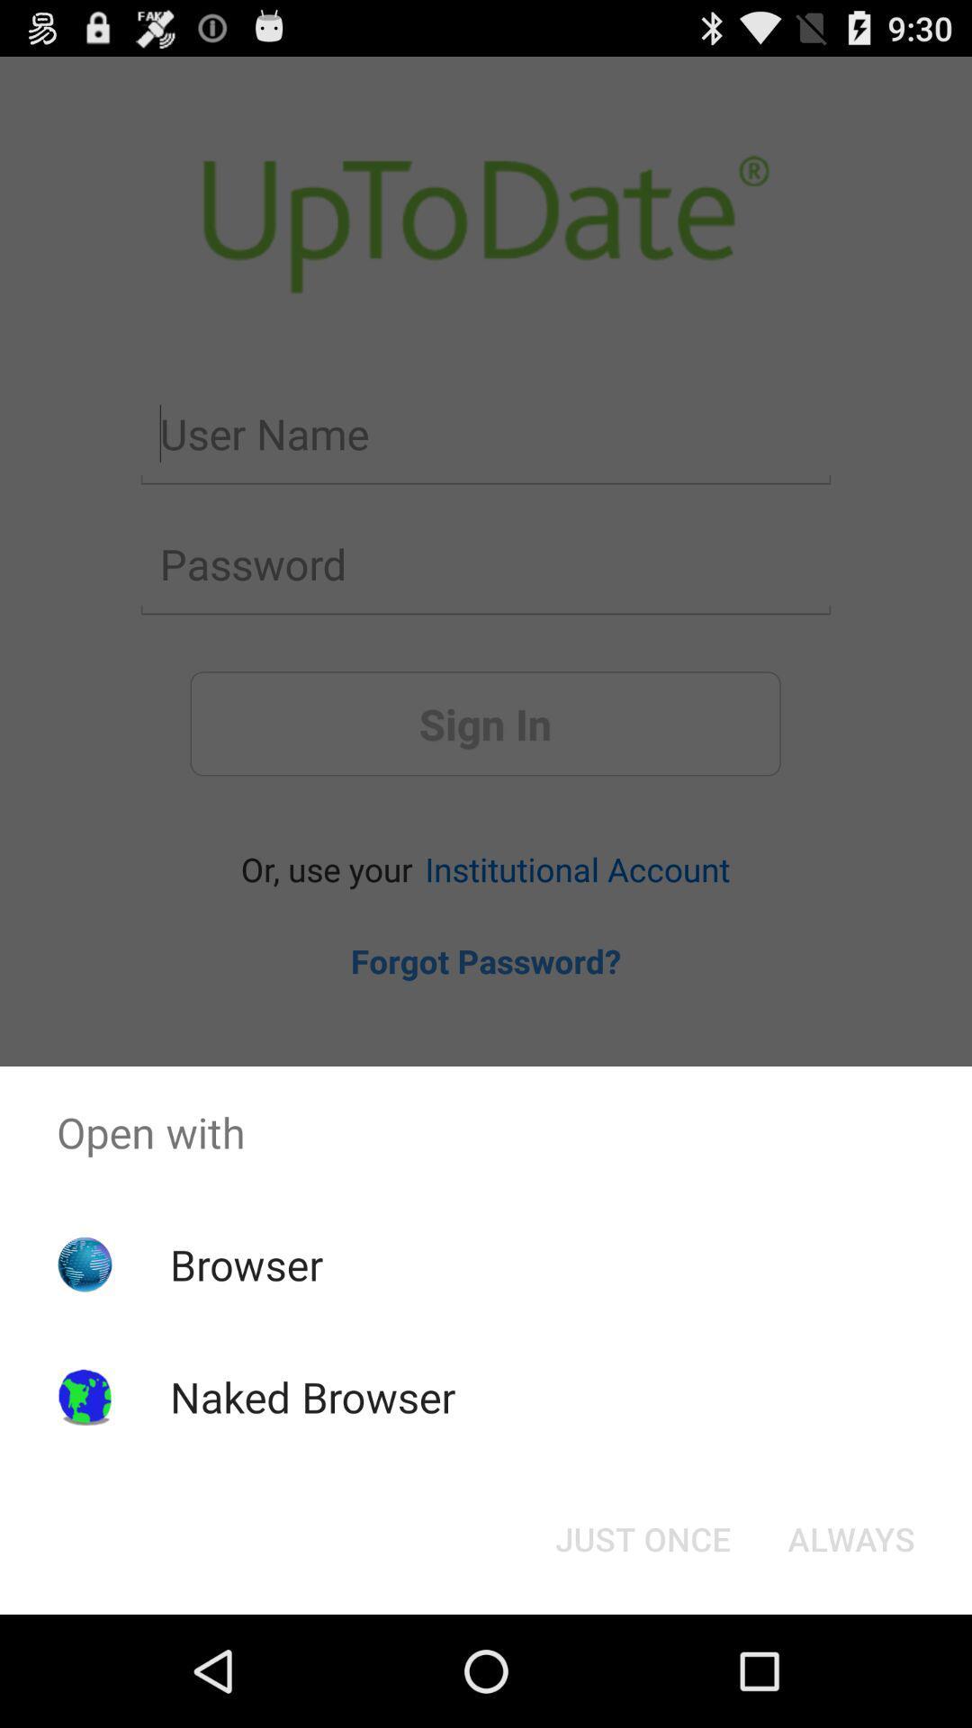  I want to click on item below the browser app, so click(311, 1396).